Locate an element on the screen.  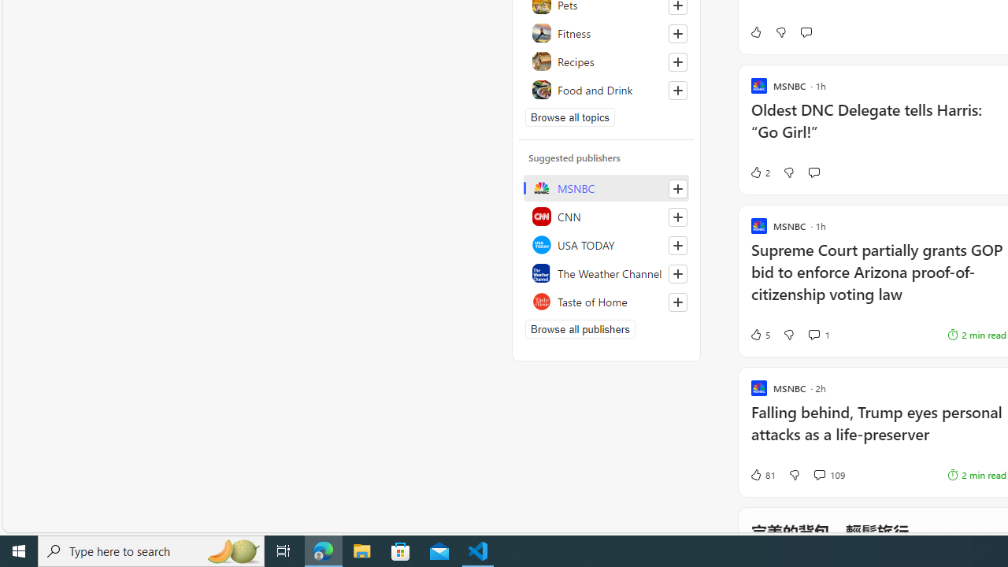
'Taste of Home' is located at coordinates (606, 302).